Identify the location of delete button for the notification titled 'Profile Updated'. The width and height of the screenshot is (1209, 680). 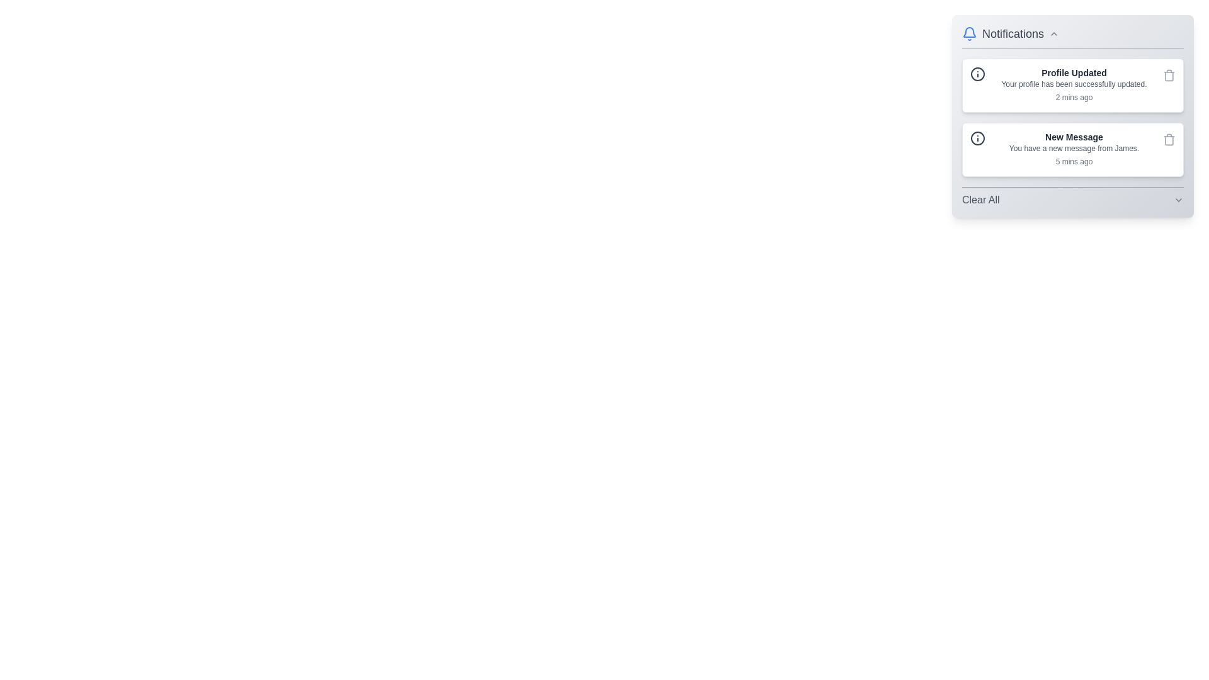
(1169, 75).